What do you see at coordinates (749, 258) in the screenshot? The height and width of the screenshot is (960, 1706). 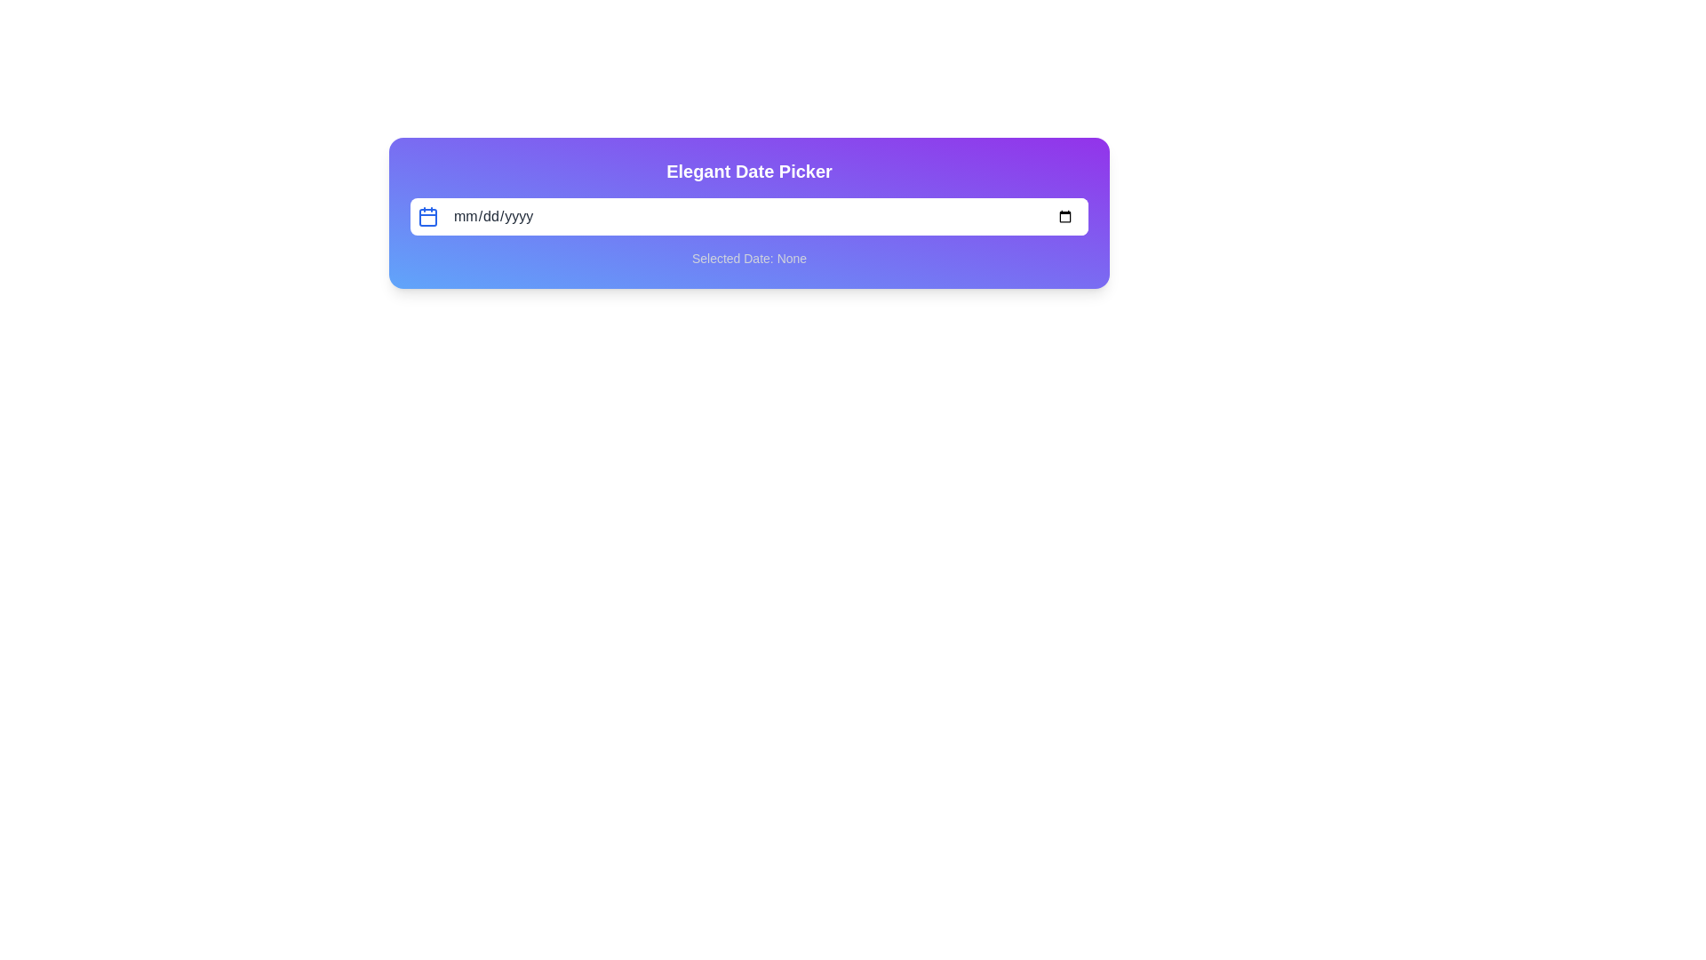 I see `the non-interactive Text label displaying the currently selected date in the 'Elegant Date Picker' section` at bounding box center [749, 258].